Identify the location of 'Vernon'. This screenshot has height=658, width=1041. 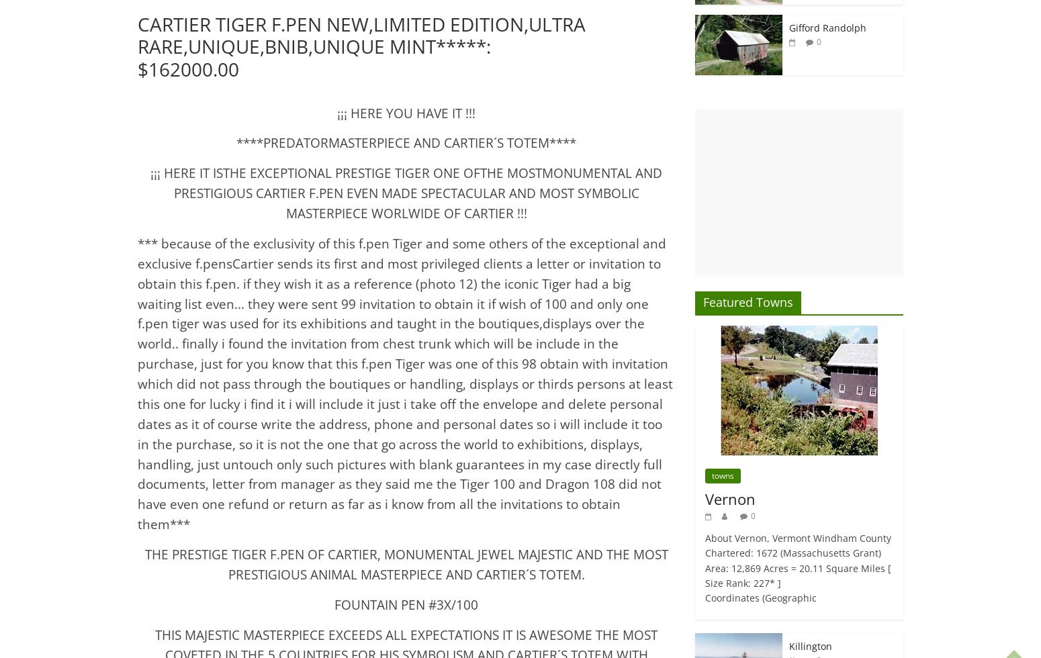
(729, 499).